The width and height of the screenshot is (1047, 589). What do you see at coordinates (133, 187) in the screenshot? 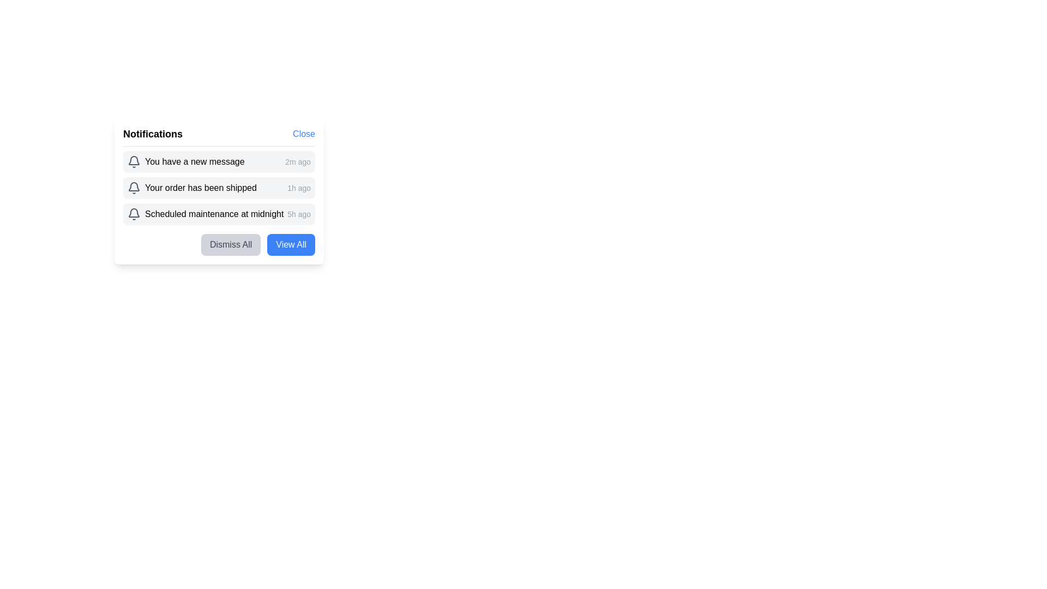
I see `the gray bell icon in the second row of the notification panel, which is to the left of the text 'Your order has been shipped'` at bounding box center [133, 187].